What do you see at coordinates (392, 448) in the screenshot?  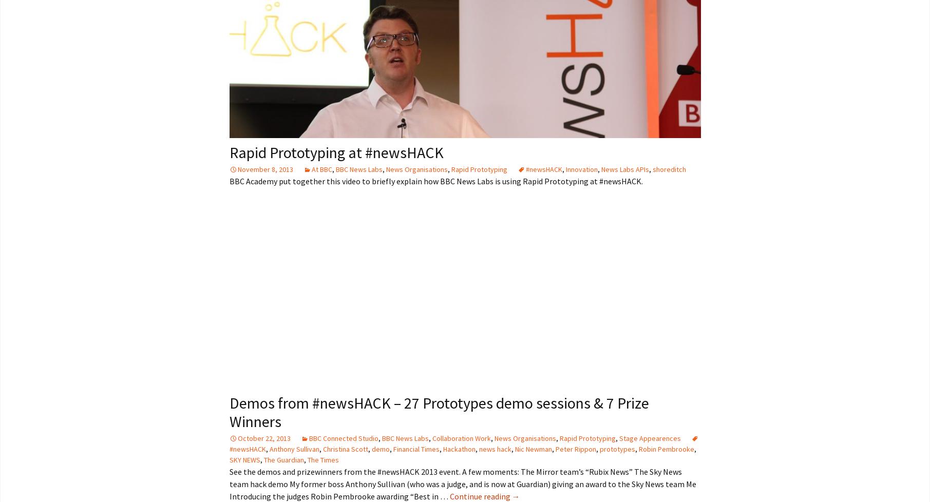 I see `'Financial Times'` at bounding box center [392, 448].